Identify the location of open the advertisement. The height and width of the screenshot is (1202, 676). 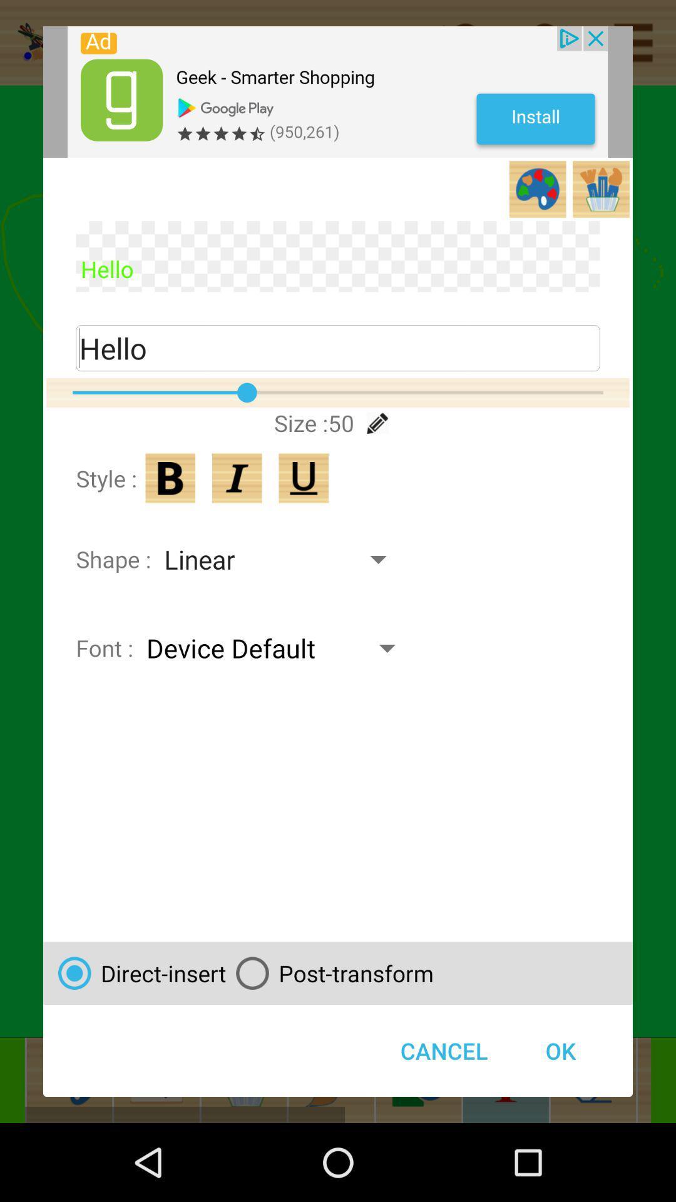
(337, 91).